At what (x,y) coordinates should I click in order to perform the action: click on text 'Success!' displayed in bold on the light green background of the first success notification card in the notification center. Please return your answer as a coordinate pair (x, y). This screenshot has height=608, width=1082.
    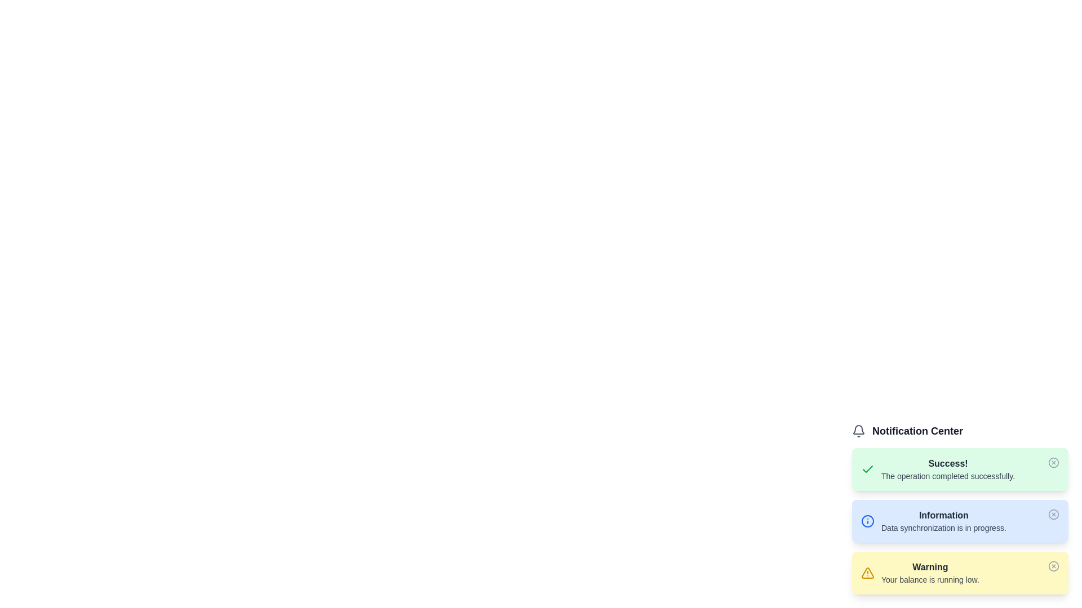
    Looking at the image, I should click on (947, 464).